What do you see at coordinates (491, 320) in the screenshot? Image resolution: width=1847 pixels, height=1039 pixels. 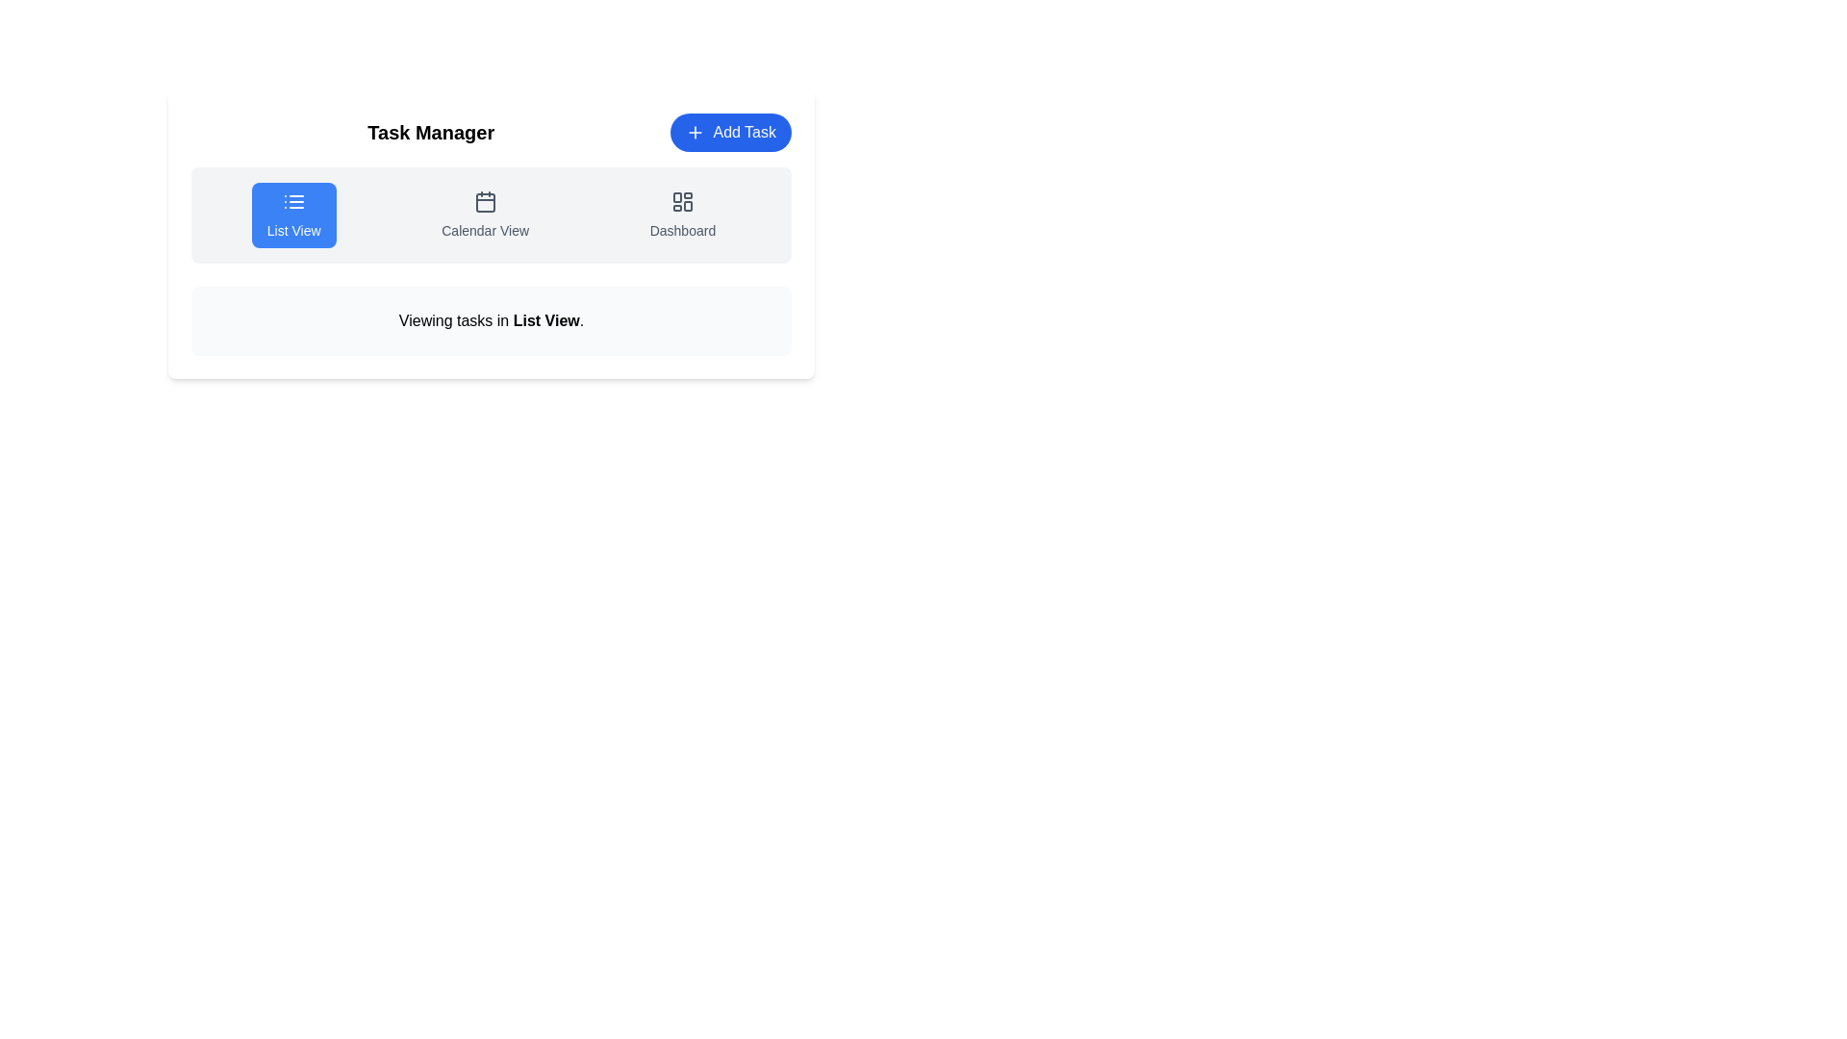 I see `the static text element displaying 'Viewing tasks in List View.' which is centered within a white box below the view buttons` at bounding box center [491, 320].